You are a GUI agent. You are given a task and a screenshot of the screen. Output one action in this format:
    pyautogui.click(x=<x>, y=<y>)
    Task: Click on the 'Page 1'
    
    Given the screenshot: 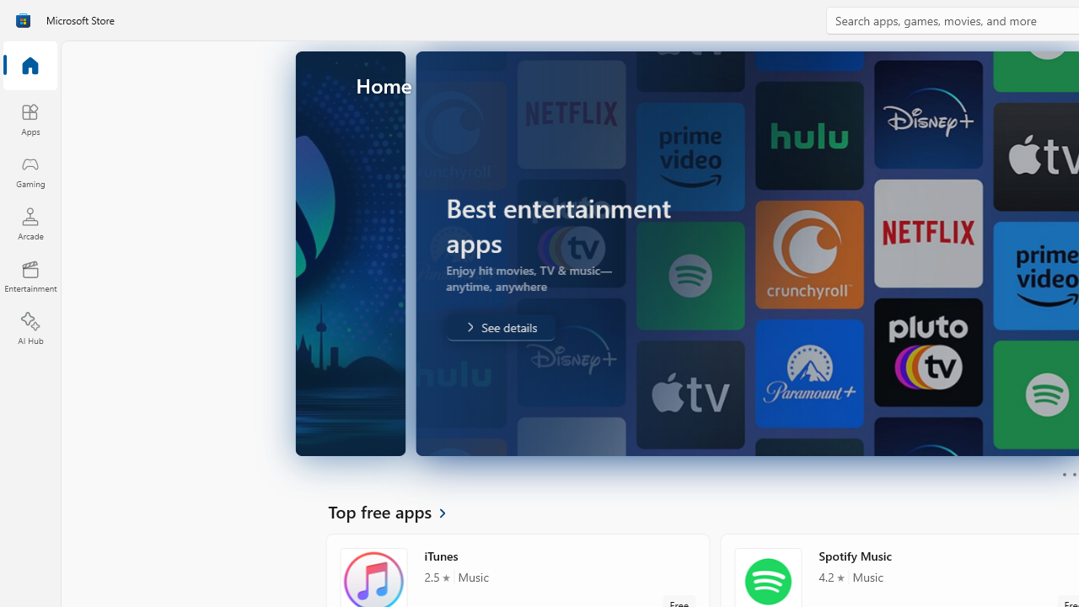 What is the action you would take?
    pyautogui.click(x=1063, y=475)
    